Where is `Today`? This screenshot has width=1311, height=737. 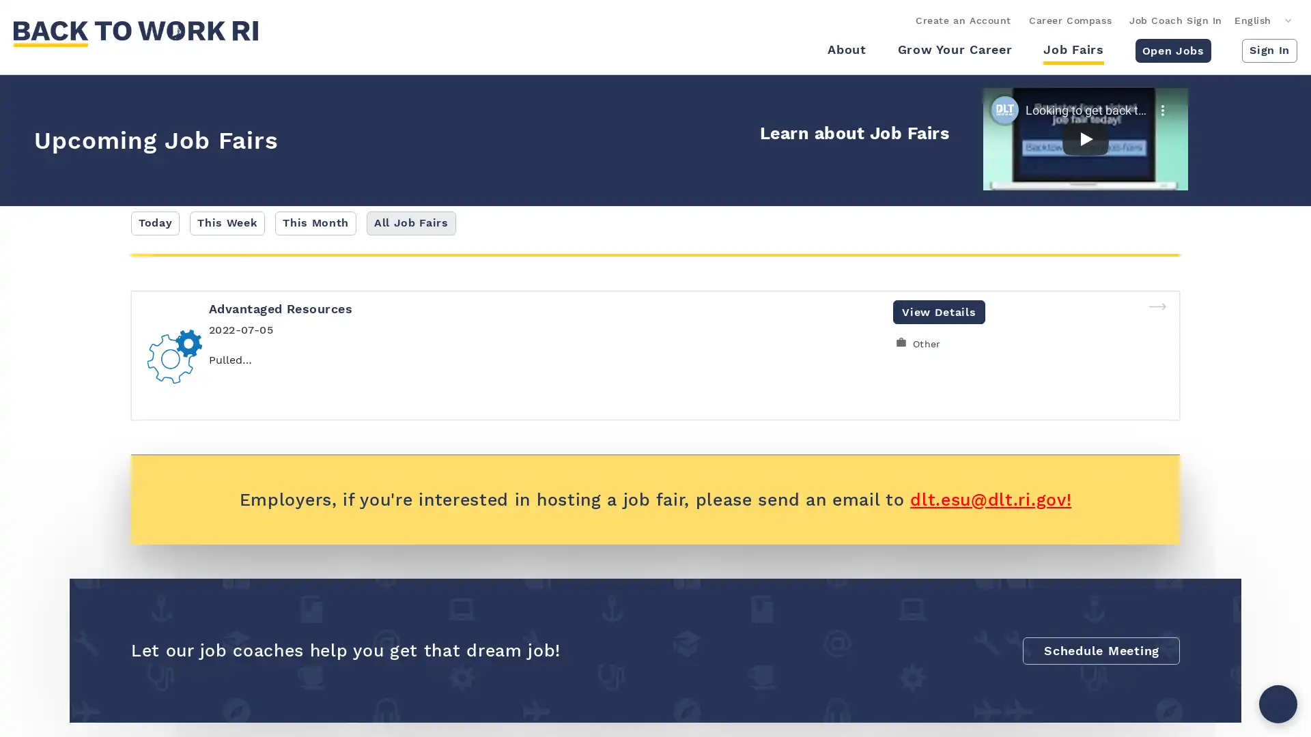 Today is located at coordinates (155, 222).